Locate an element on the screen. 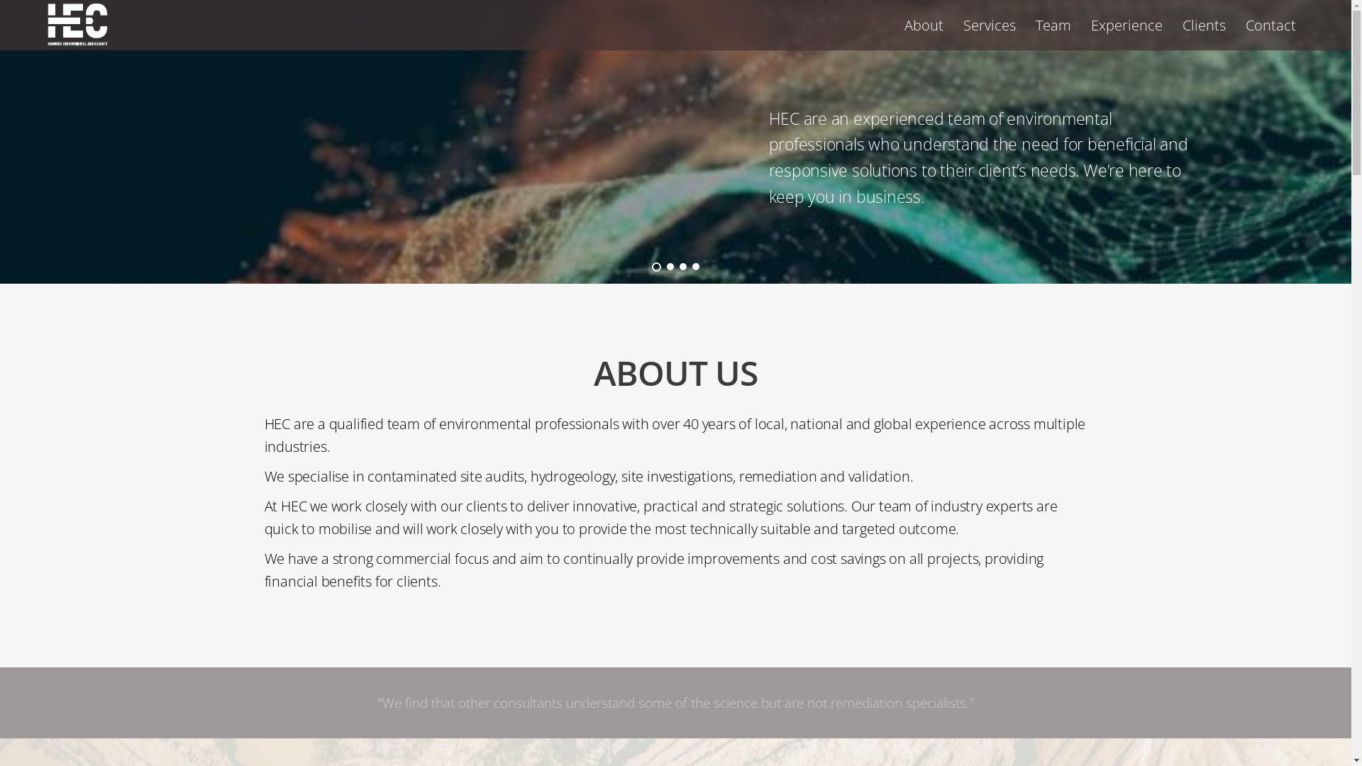 This screenshot has height=766, width=1362. 'HEC-white-logo' is located at coordinates (77, 24).